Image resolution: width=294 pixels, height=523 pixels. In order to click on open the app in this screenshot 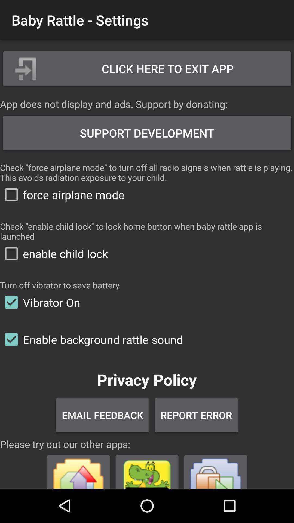, I will do `click(215, 469)`.